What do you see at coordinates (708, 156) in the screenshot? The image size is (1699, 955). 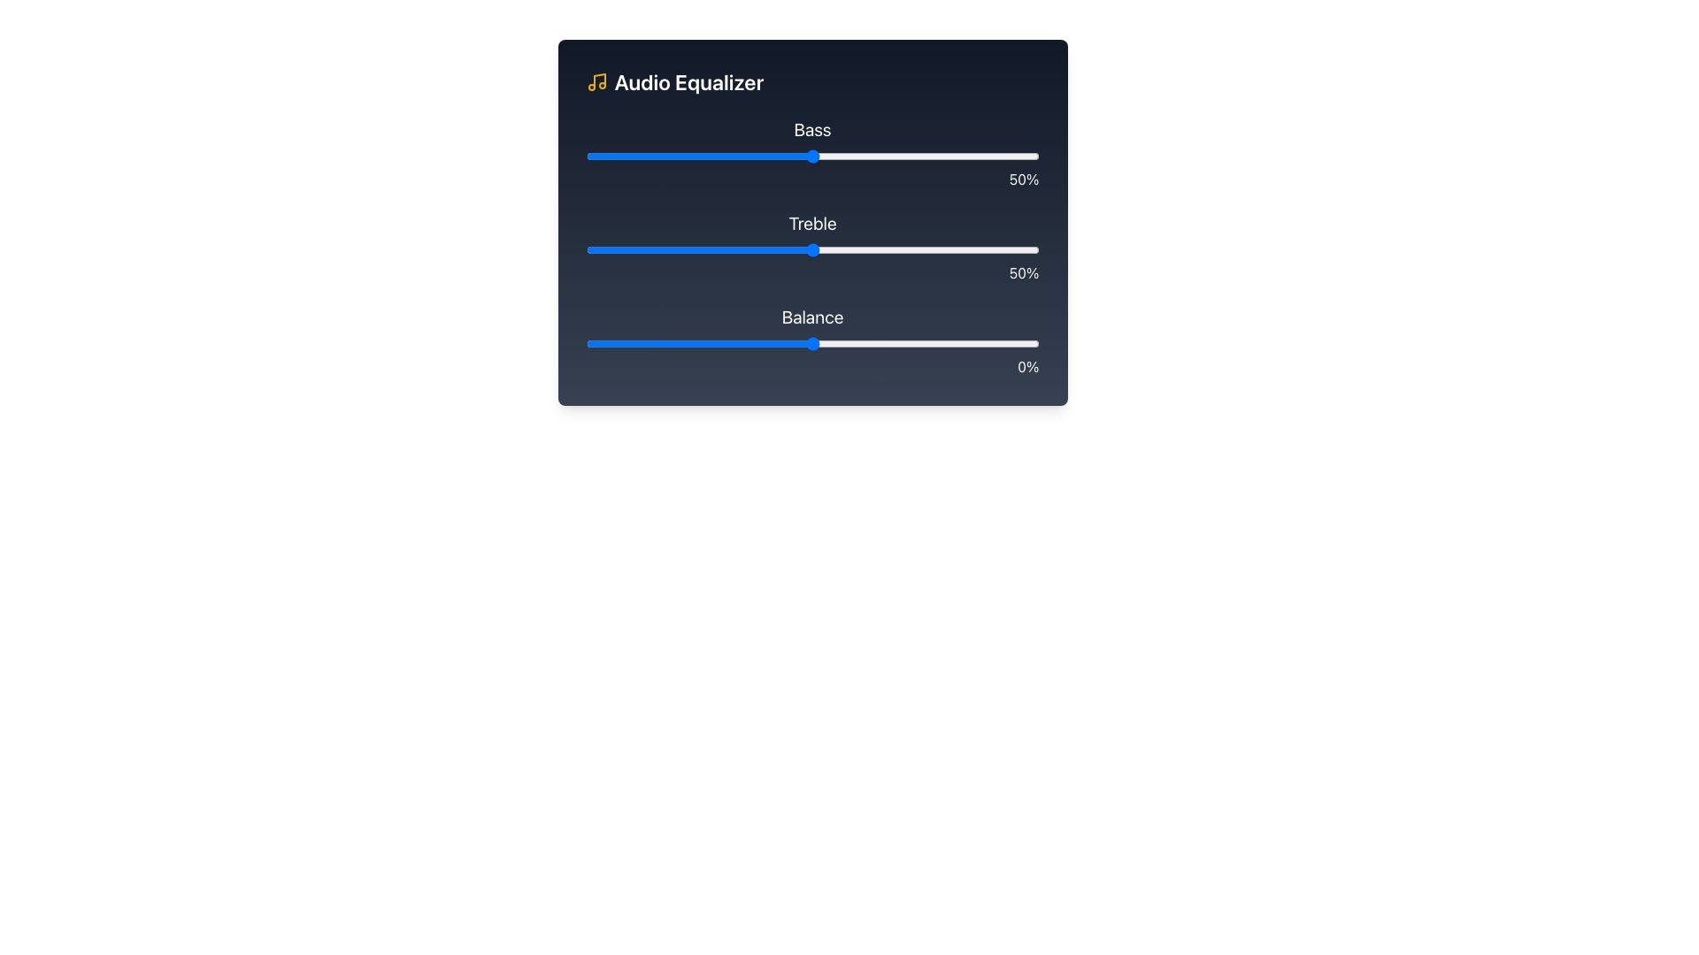 I see `the bass level` at bounding box center [708, 156].